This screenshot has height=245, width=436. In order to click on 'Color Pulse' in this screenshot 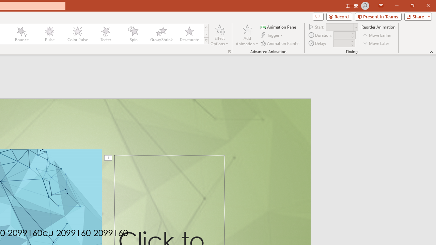, I will do `click(77, 34)`.